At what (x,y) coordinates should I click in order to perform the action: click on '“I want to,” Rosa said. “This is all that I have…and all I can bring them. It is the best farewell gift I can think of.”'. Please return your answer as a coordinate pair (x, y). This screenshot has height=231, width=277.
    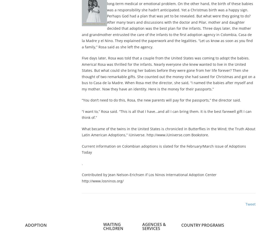
    Looking at the image, I should click on (166, 114).